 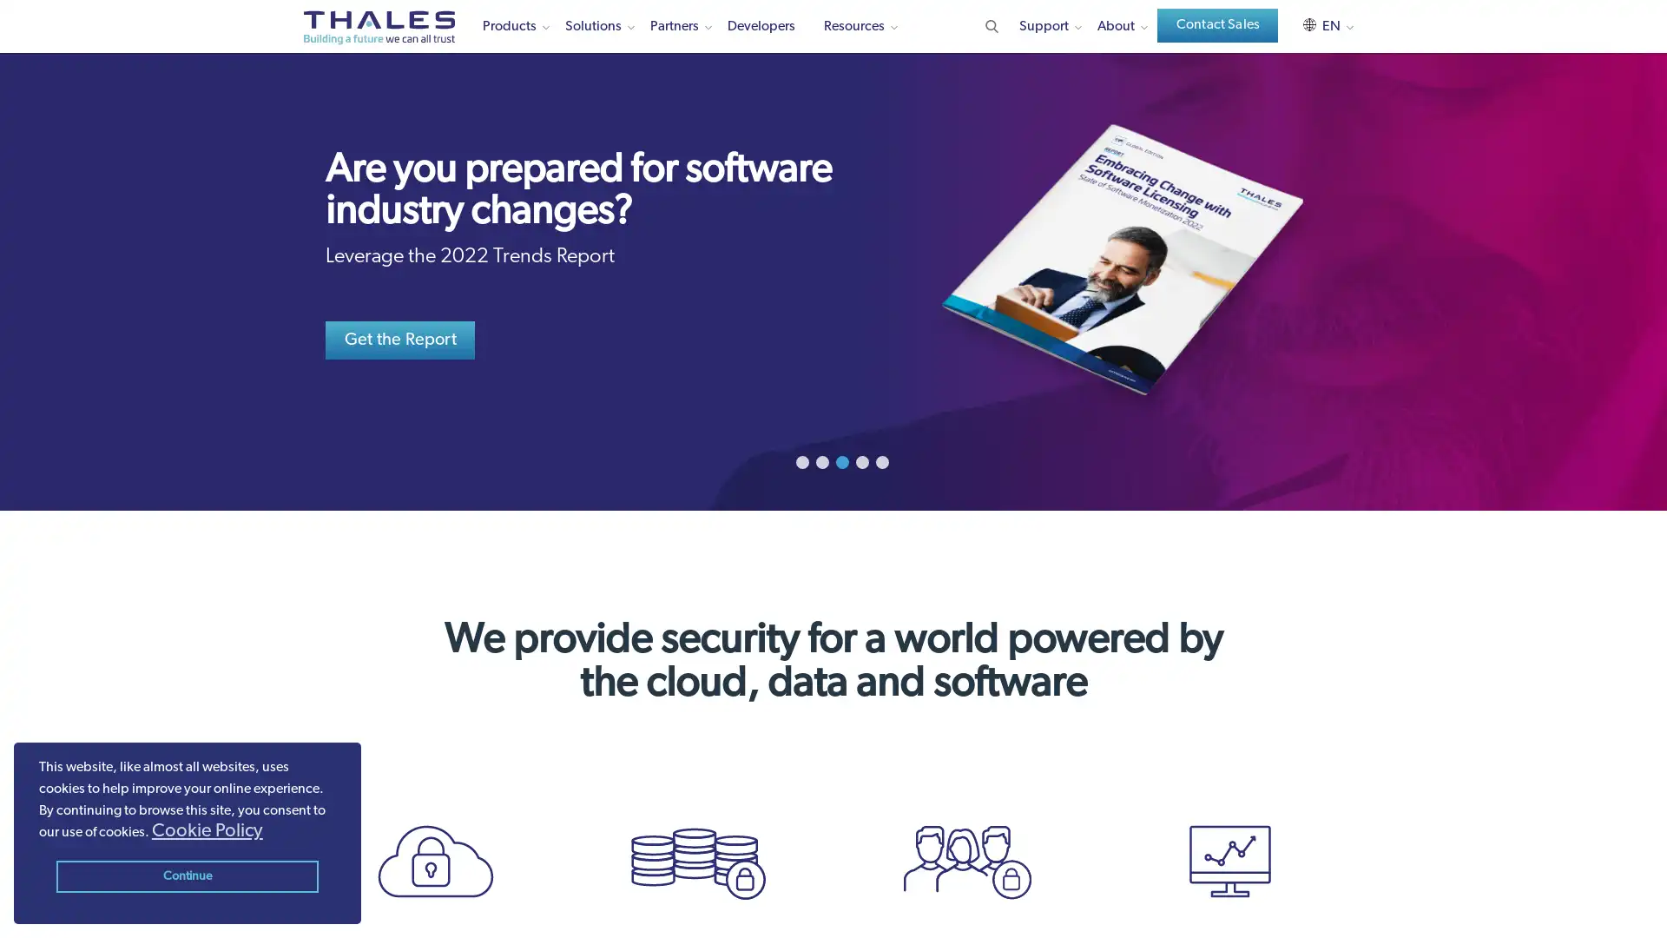 What do you see at coordinates (841, 461) in the screenshot?
I see `3` at bounding box center [841, 461].